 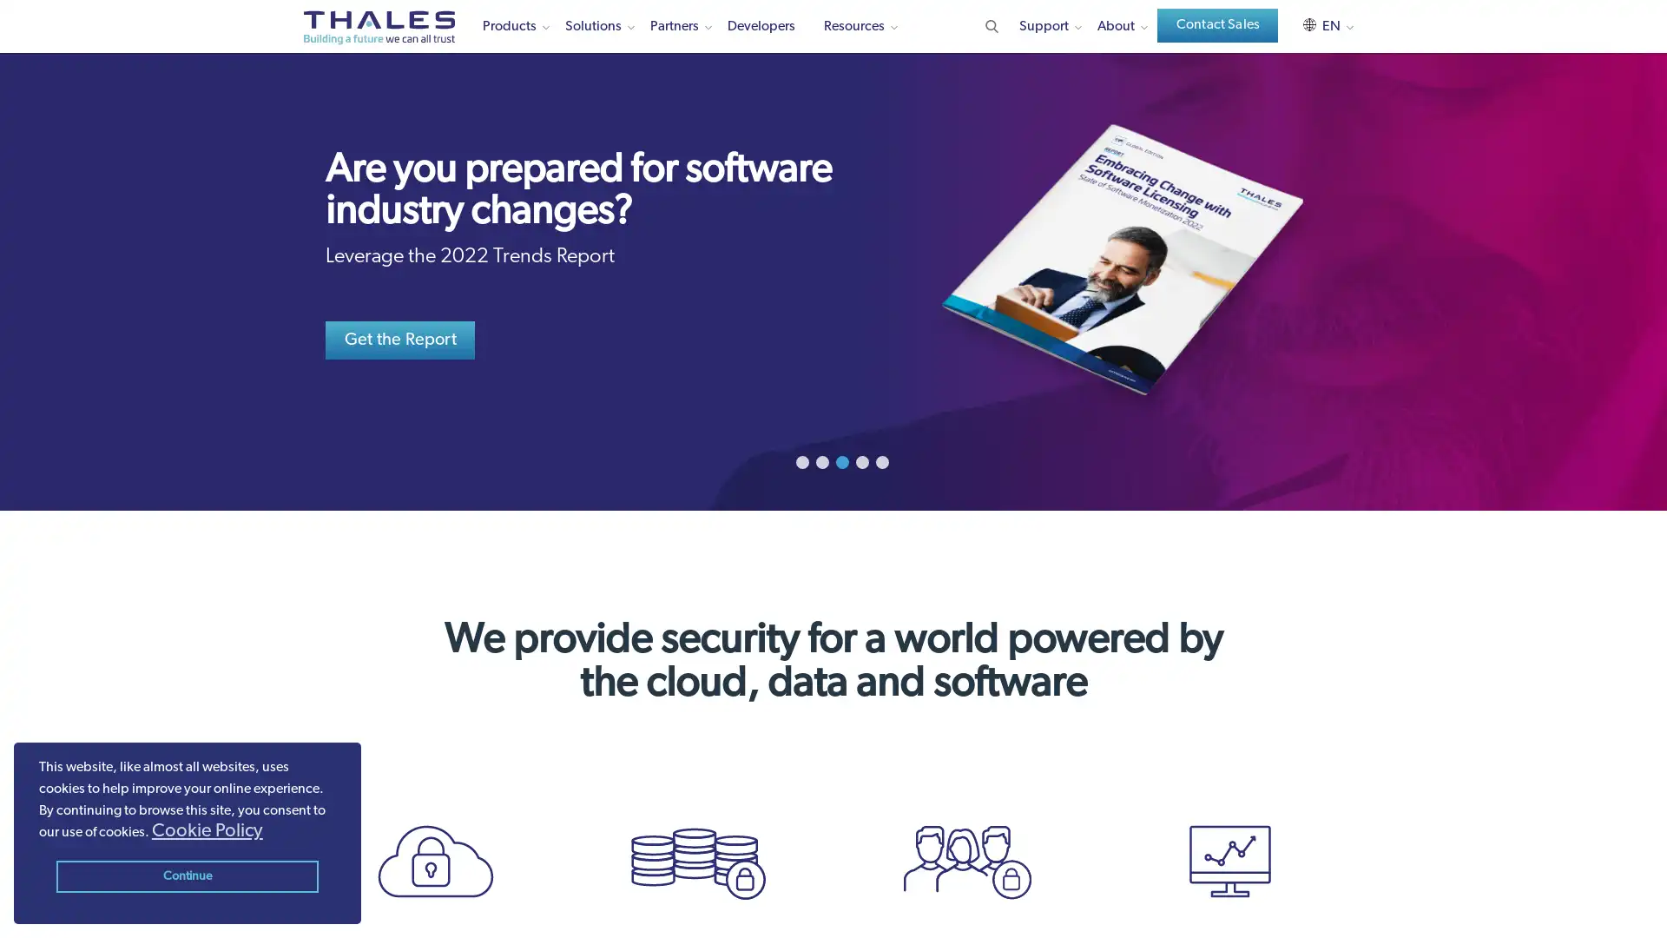 What do you see at coordinates (841, 461) in the screenshot?
I see `3` at bounding box center [841, 461].